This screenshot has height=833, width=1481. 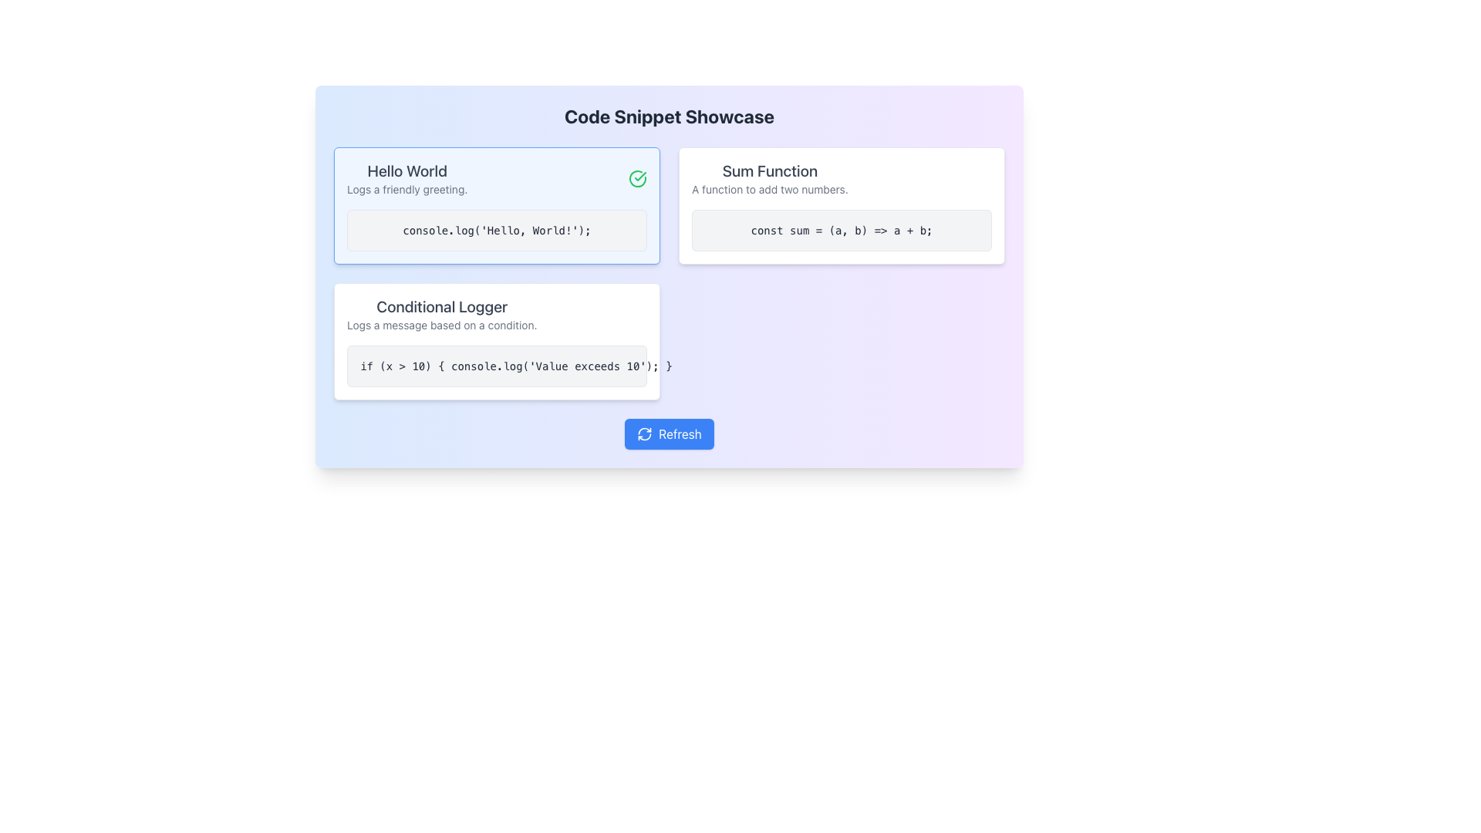 I want to click on the checkmark icon in the top-right corner of the 'Hello World' section, which indicates validation or success status, so click(x=640, y=175).